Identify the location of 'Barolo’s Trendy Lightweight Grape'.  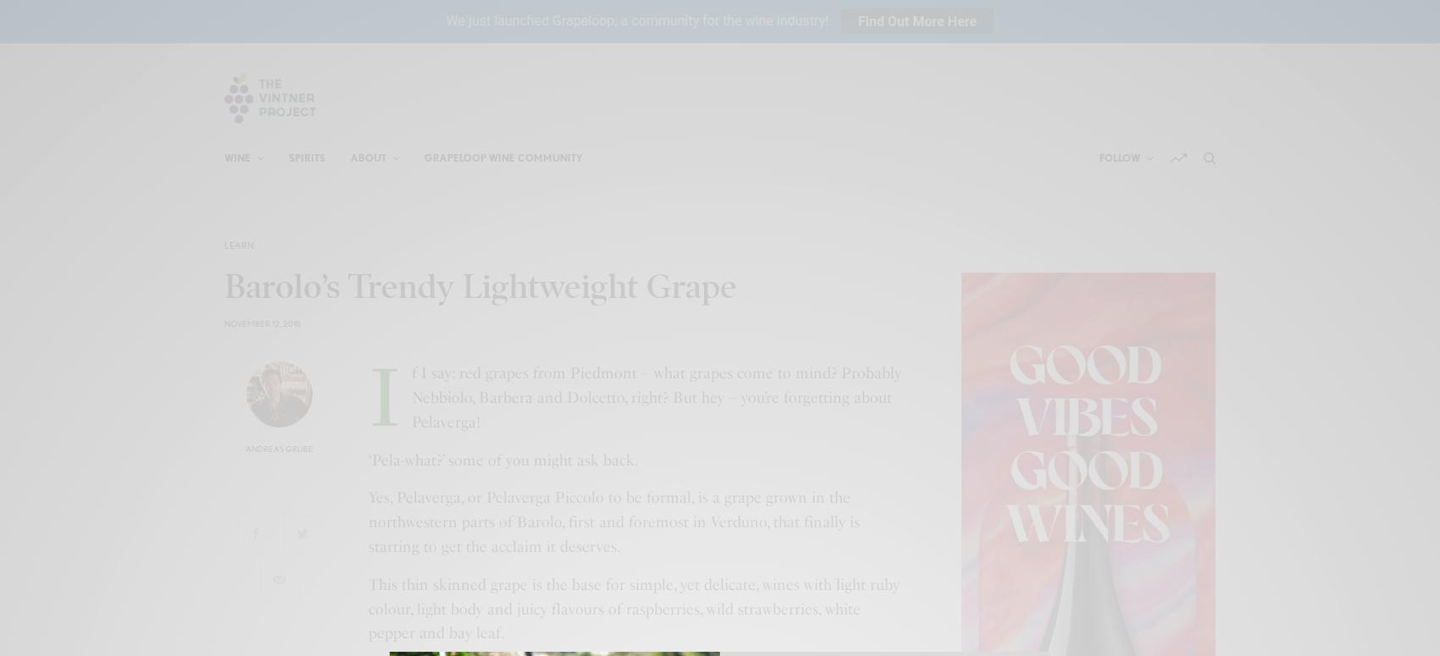
(224, 285).